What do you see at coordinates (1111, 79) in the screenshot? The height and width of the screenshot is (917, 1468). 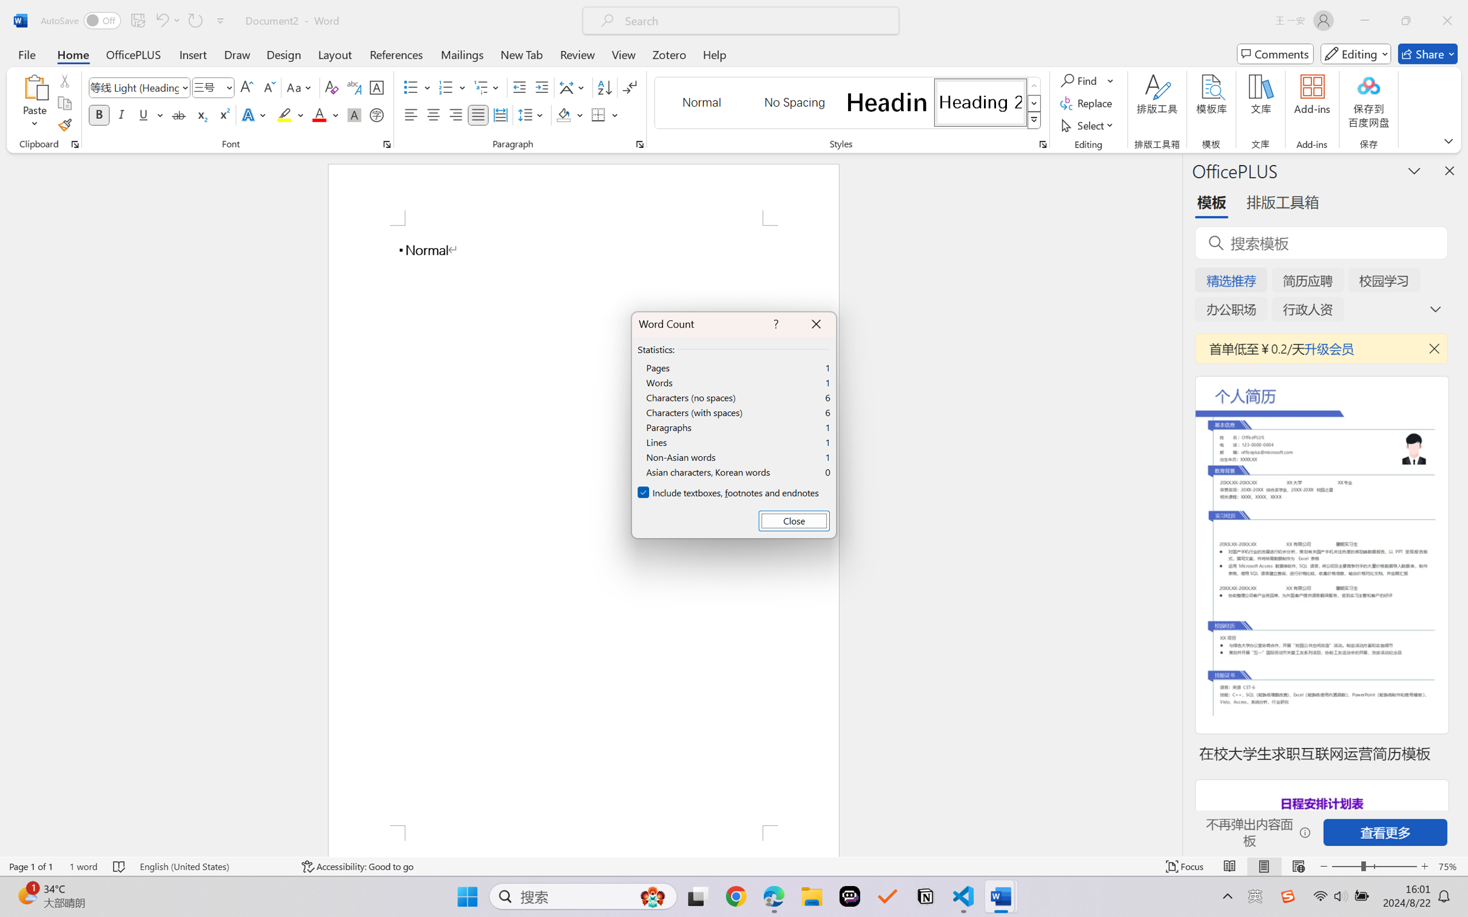 I see `'More Options'` at bounding box center [1111, 79].